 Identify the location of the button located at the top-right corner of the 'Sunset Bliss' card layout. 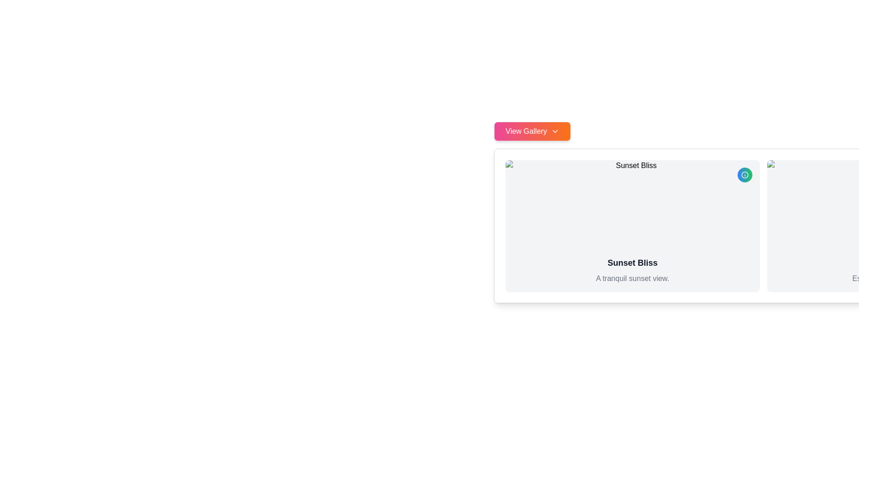
(745, 175).